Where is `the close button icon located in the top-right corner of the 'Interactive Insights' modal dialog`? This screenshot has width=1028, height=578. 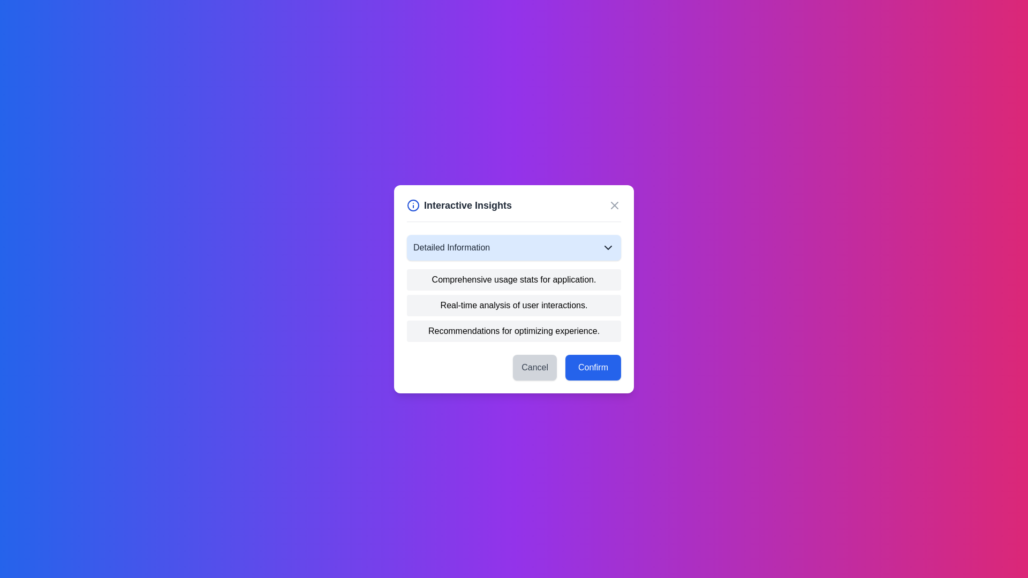 the close button icon located in the top-right corner of the 'Interactive Insights' modal dialog is located at coordinates (614, 205).